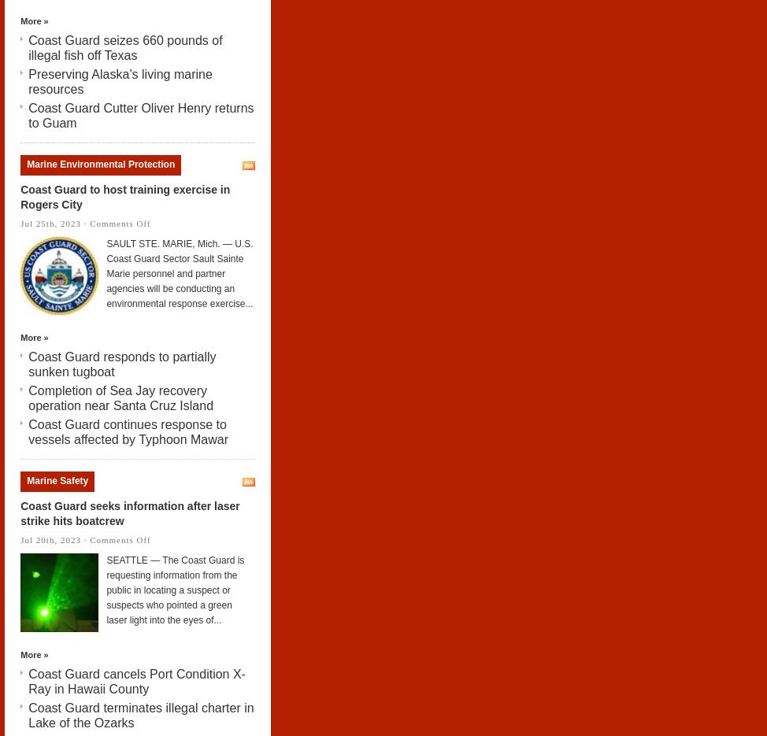  What do you see at coordinates (124, 47) in the screenshot?
I see `'Coast Guard seizes 660 pounds of illegal fish off Texas'` at bounding box center [124, 47].